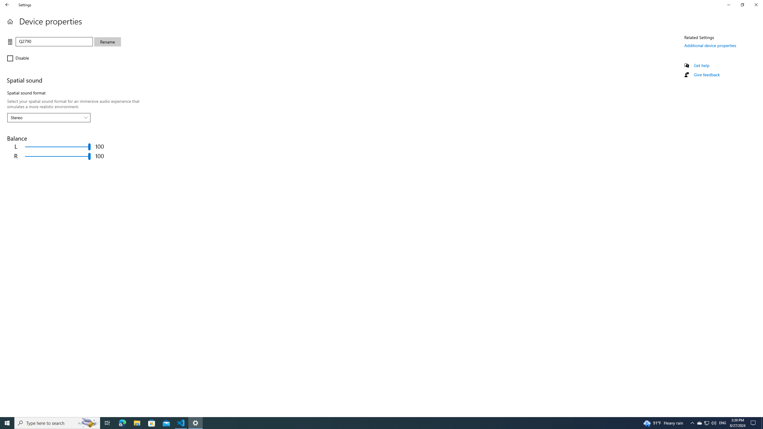 This screenshot has height=429, width=763. I want to click on 'Settings - 1 running window', so click(196, 422).